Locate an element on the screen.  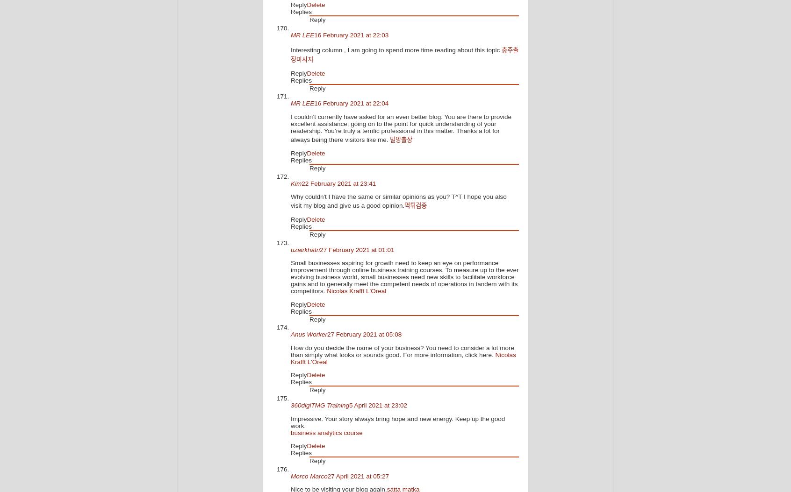
'27 February 2021 at 05:08' is located at coordinates (364, 334).